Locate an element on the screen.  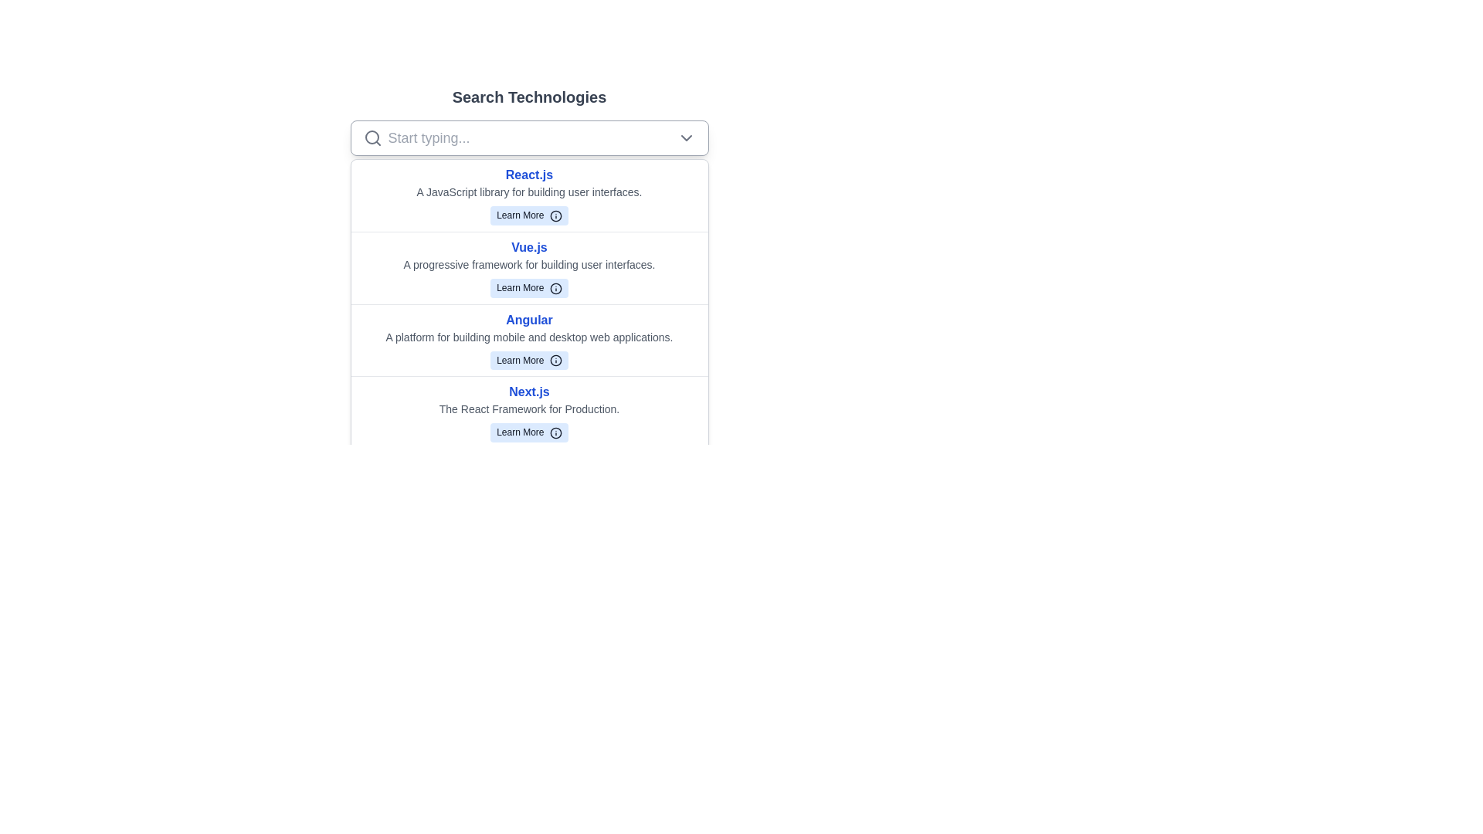
the button located at the bottom row under 'Next.js' that provides access to detailed information or resources is located at coordinates (529, 432).